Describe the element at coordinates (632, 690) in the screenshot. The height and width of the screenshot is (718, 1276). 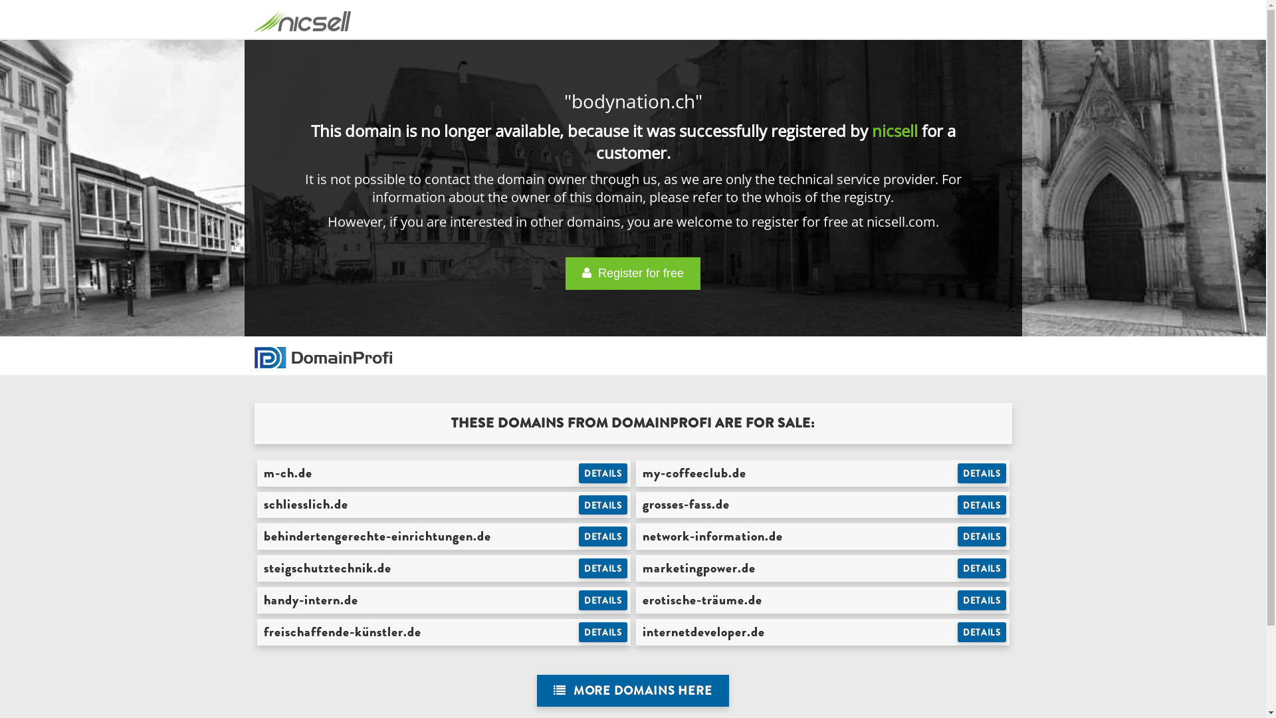
I see `'  MORE DOMAINS HERE'` at that location.